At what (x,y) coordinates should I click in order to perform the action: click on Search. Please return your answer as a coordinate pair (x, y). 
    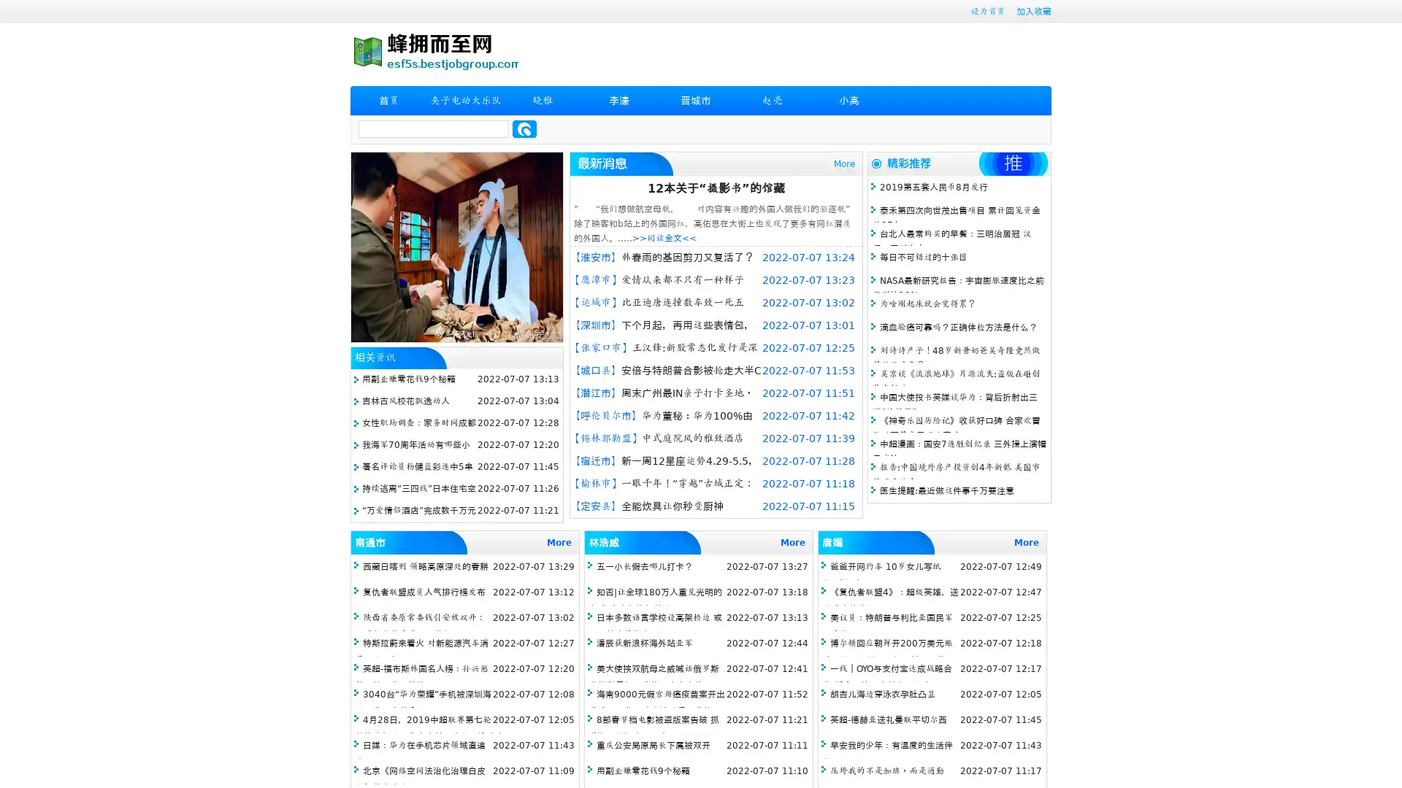
    Looking at the image, I should click on (524, 128).